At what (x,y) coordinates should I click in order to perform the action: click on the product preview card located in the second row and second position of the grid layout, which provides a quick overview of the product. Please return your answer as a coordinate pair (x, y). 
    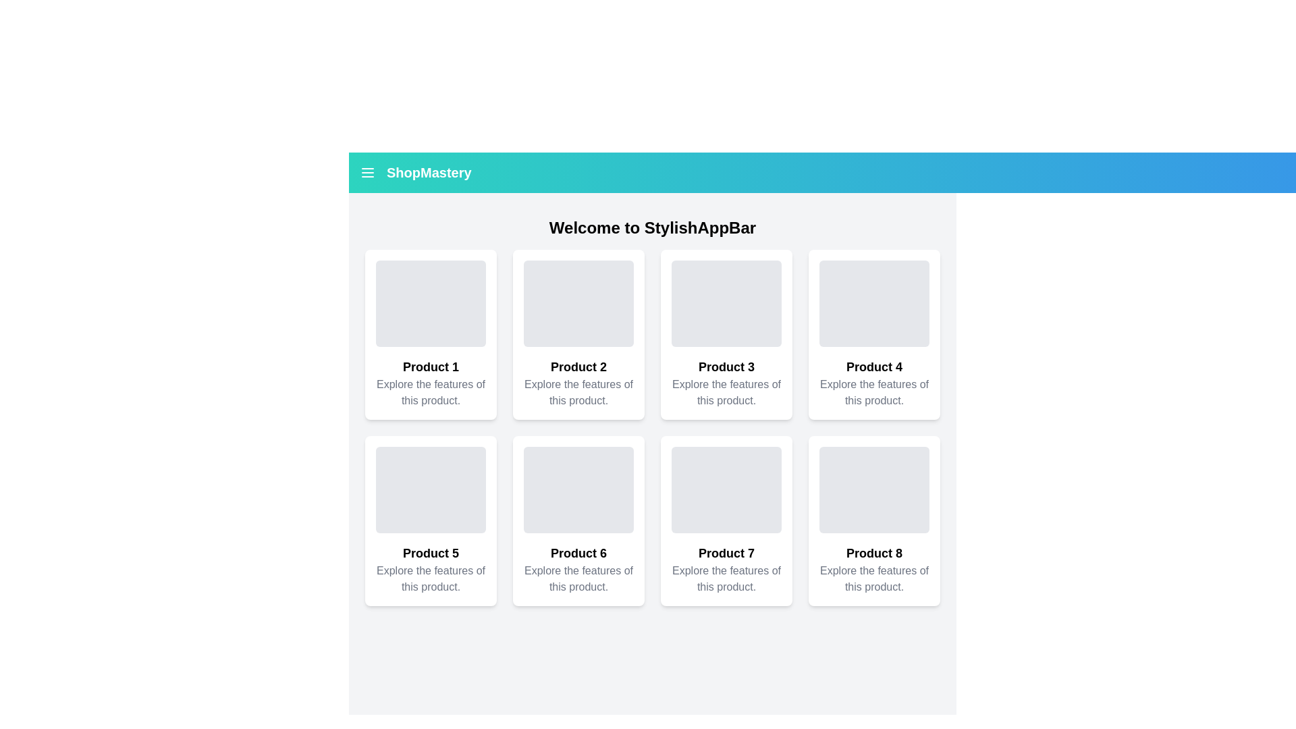
    Looking at the image, I should click on (578, 520).